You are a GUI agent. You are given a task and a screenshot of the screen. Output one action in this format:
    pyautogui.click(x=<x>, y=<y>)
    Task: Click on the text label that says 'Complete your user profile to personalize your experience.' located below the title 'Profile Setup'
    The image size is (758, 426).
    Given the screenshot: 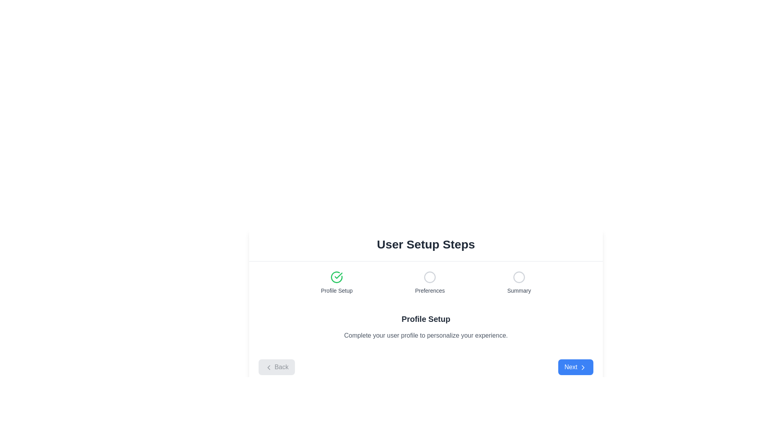 What is the action you would take?
    pyautogui.click(x=426, y=336)
    